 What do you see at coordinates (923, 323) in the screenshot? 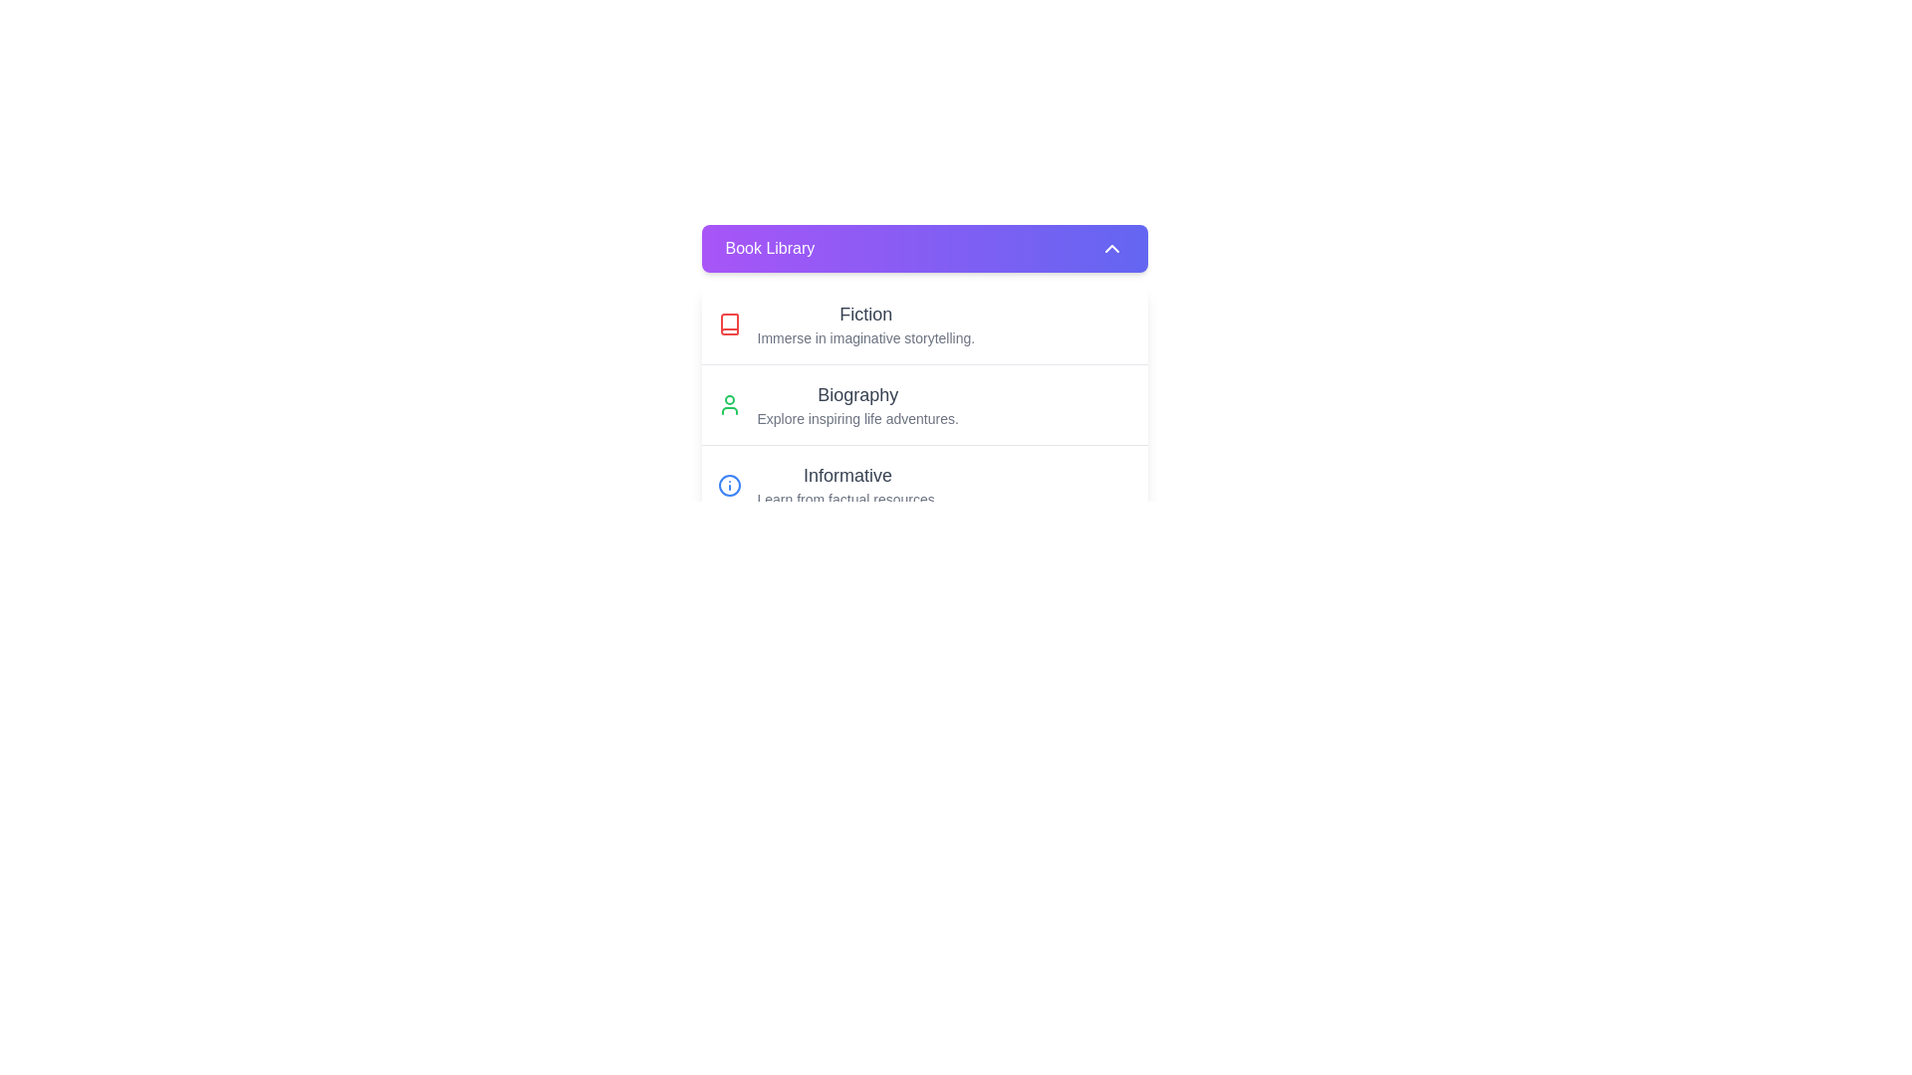
I see `the first list item representing the 'Fiction' category` at bounding box center [923, 323].